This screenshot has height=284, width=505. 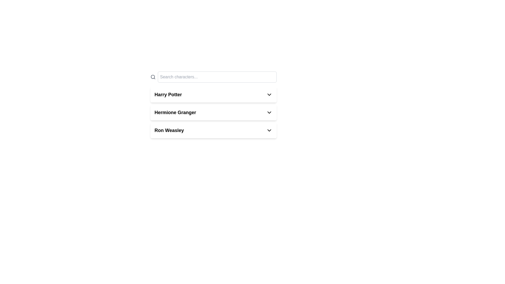 I want to click on the second selectable card in the list, which represents a character option and is located below the 'Harry Potter' card and above the 'Ron Weasley' card, so click(x=213, y=112).